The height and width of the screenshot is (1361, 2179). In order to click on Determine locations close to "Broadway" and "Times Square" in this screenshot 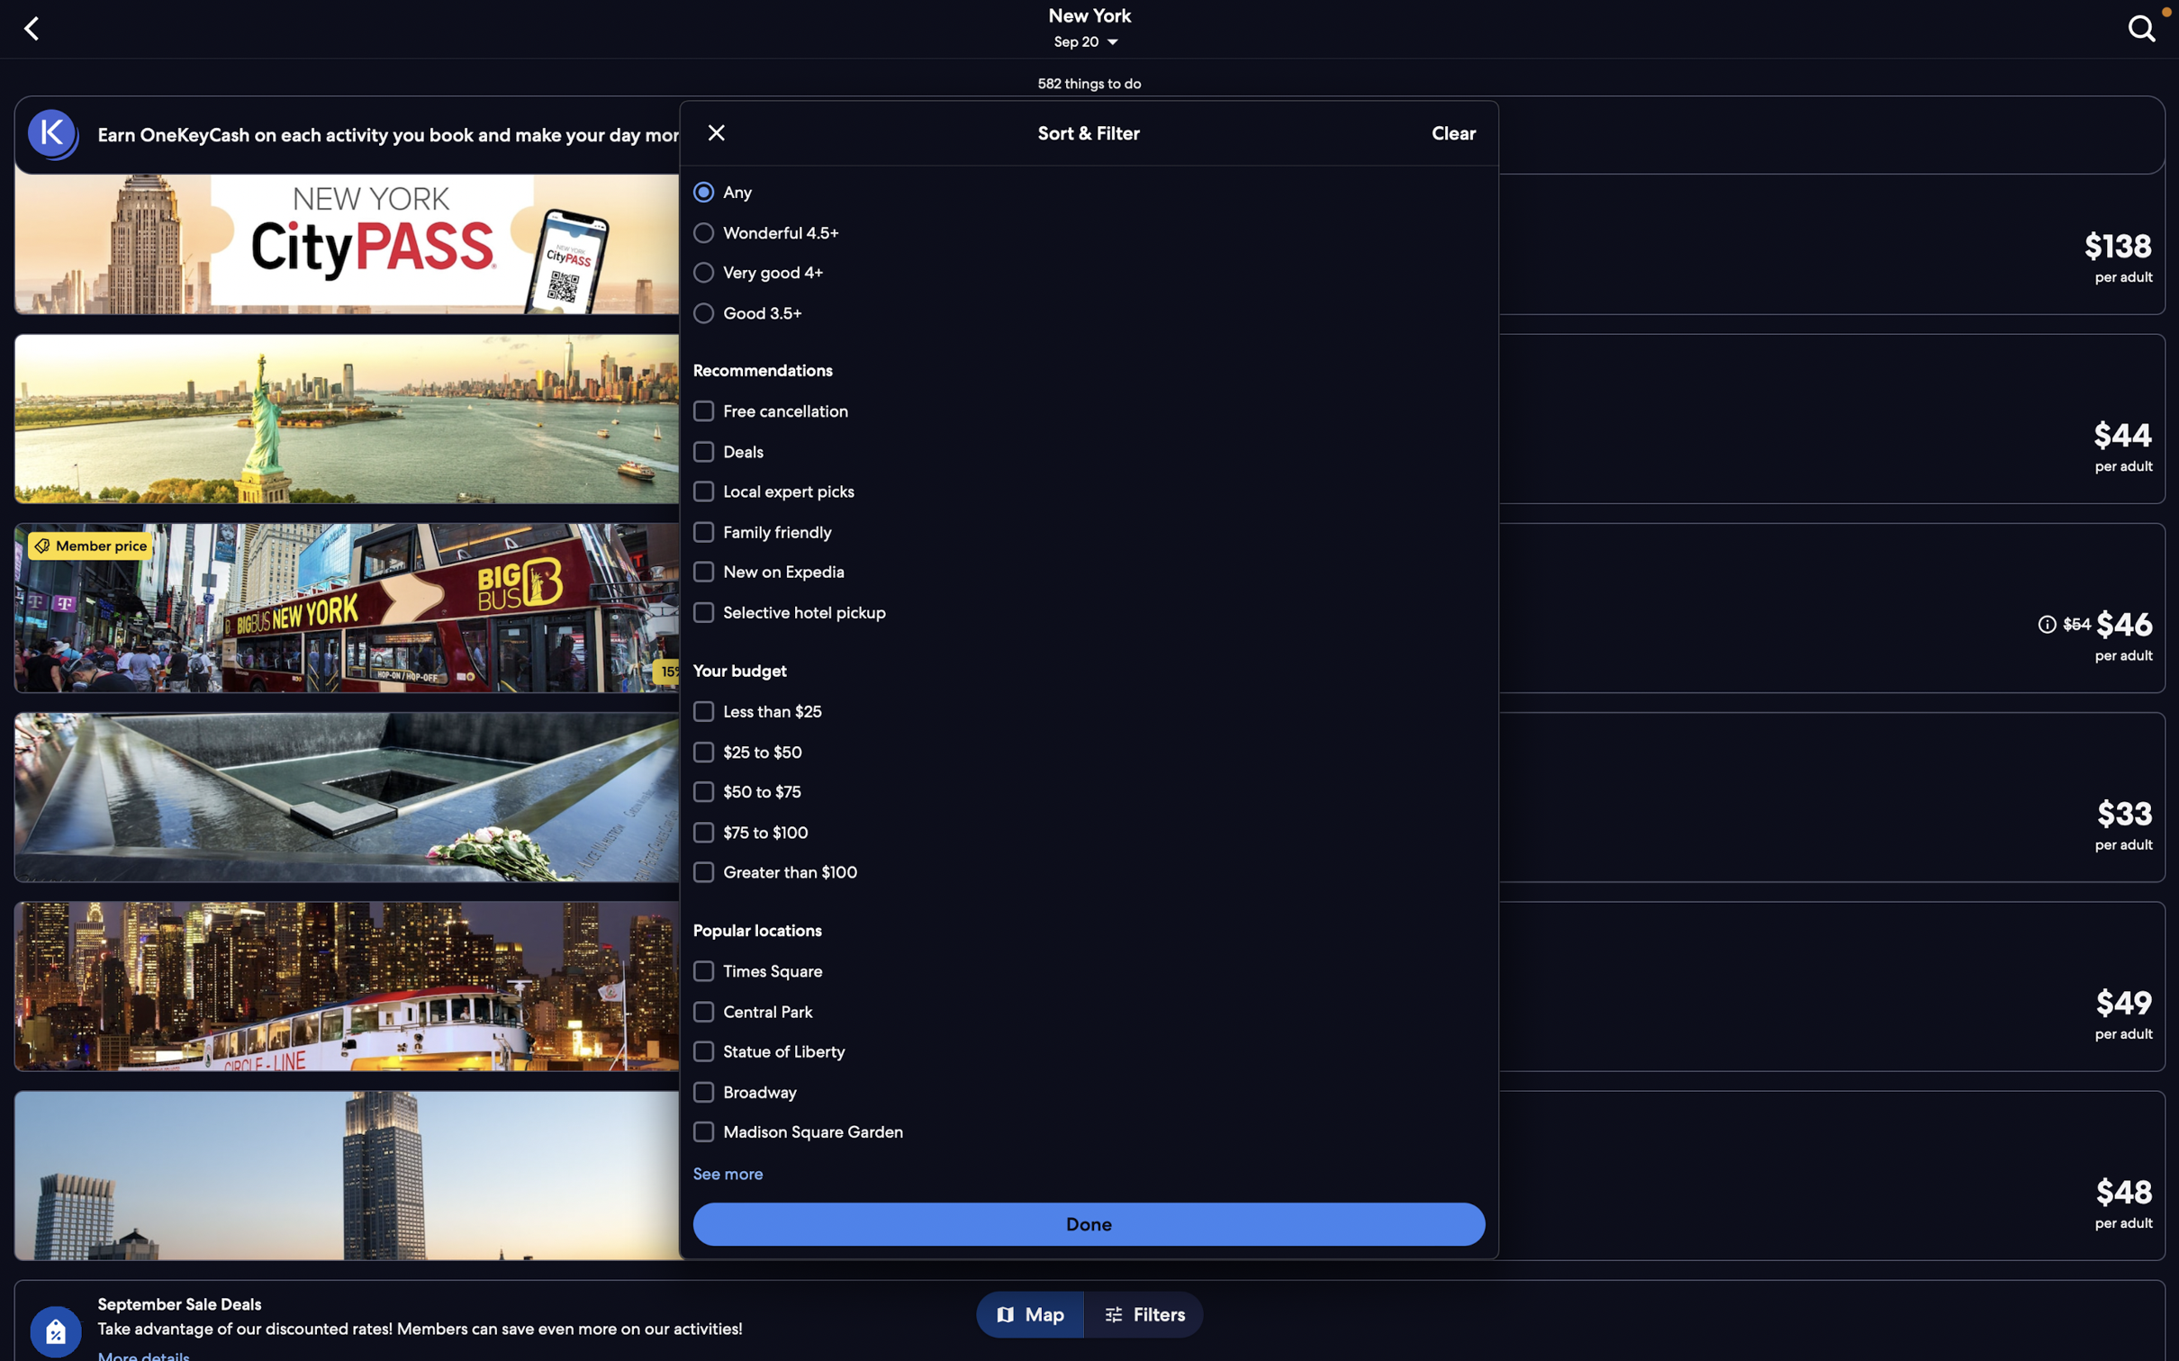, I will do `click(1091, 1130)`.